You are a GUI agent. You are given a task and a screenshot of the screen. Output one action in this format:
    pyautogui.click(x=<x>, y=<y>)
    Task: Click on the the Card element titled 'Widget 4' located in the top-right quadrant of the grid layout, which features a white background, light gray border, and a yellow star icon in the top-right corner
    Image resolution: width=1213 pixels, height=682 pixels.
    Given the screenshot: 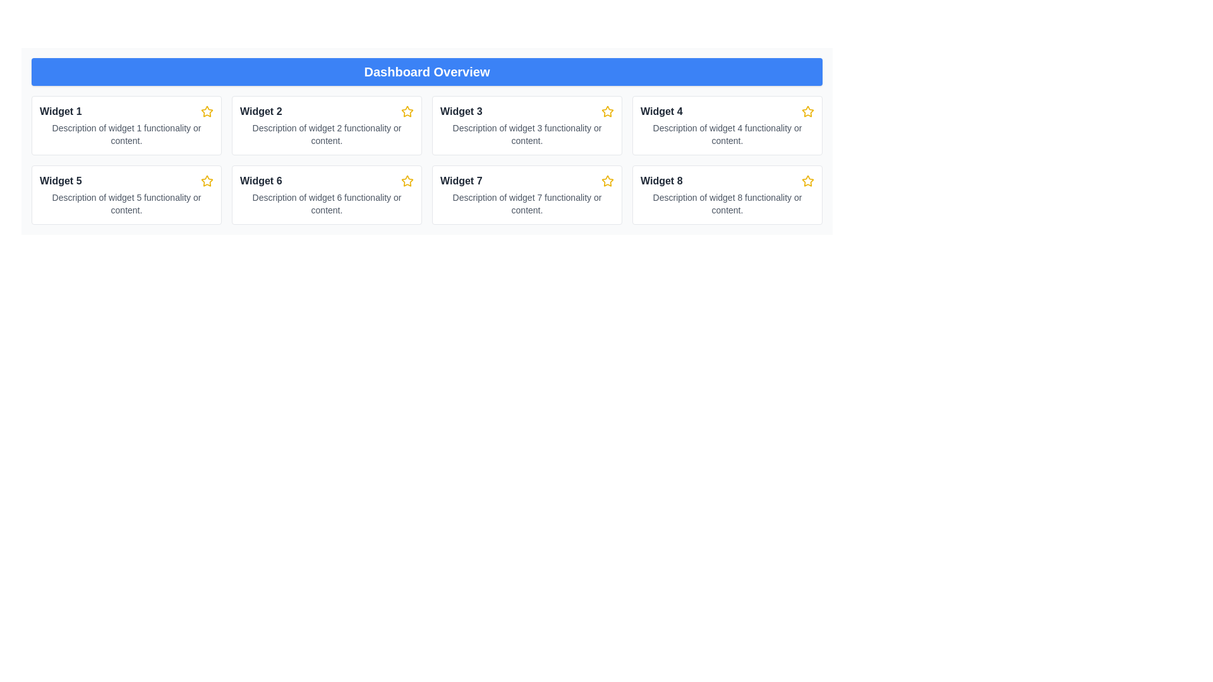 What is the action you would take?
    pyautogui.click(x=727, y=126)
    